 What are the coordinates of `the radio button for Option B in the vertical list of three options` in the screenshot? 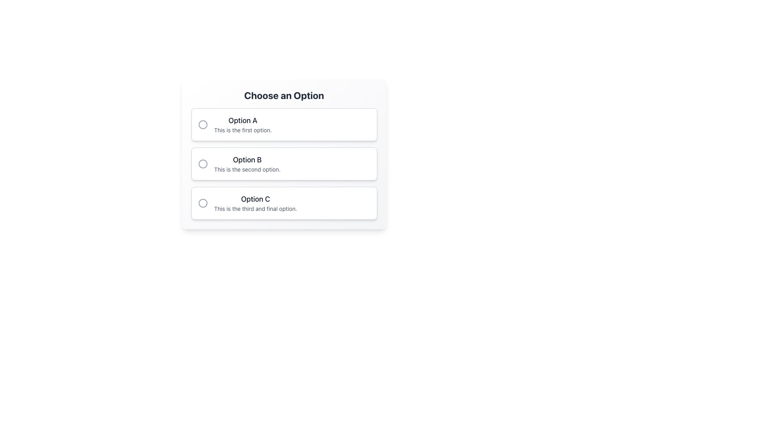 It's located at (284, 163).